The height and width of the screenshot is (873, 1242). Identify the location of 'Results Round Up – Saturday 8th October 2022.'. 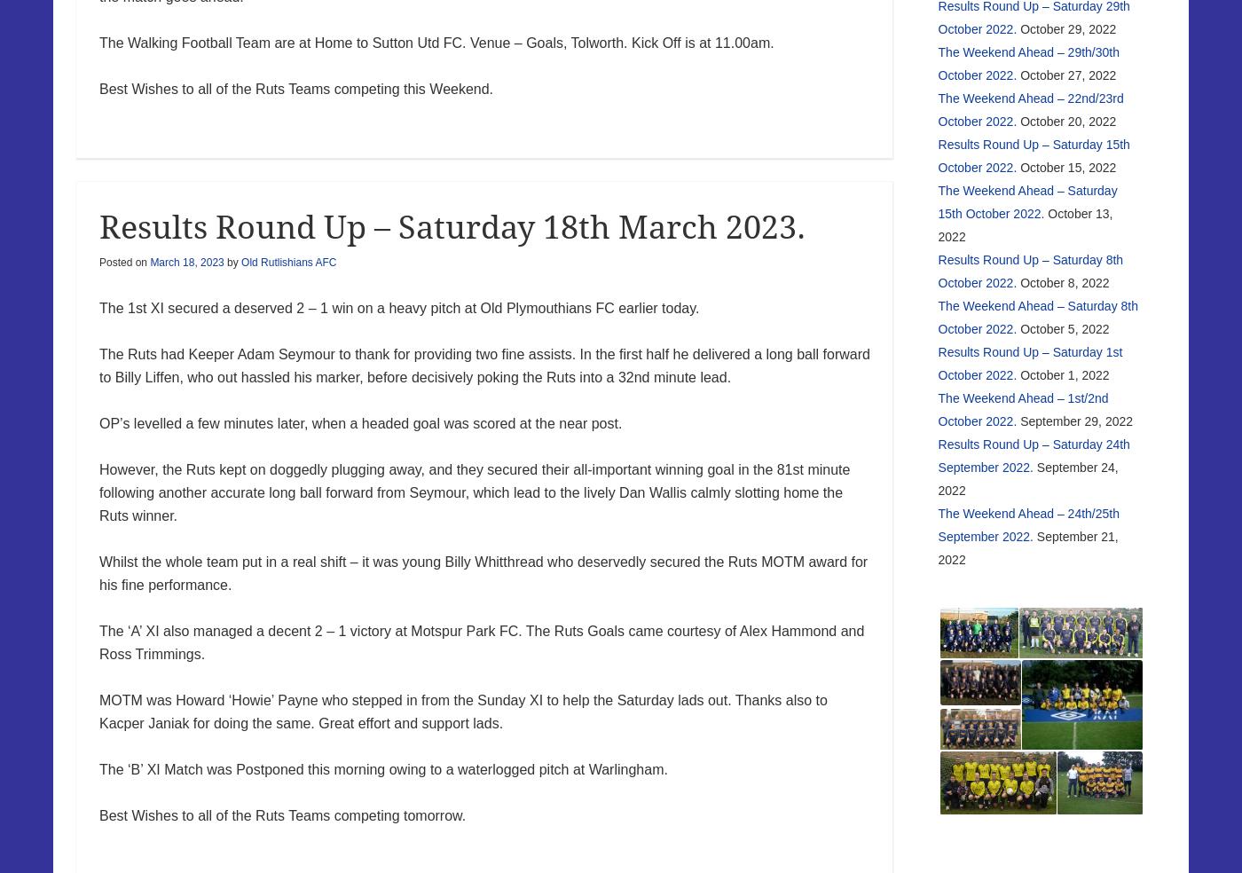
(1030, 270).